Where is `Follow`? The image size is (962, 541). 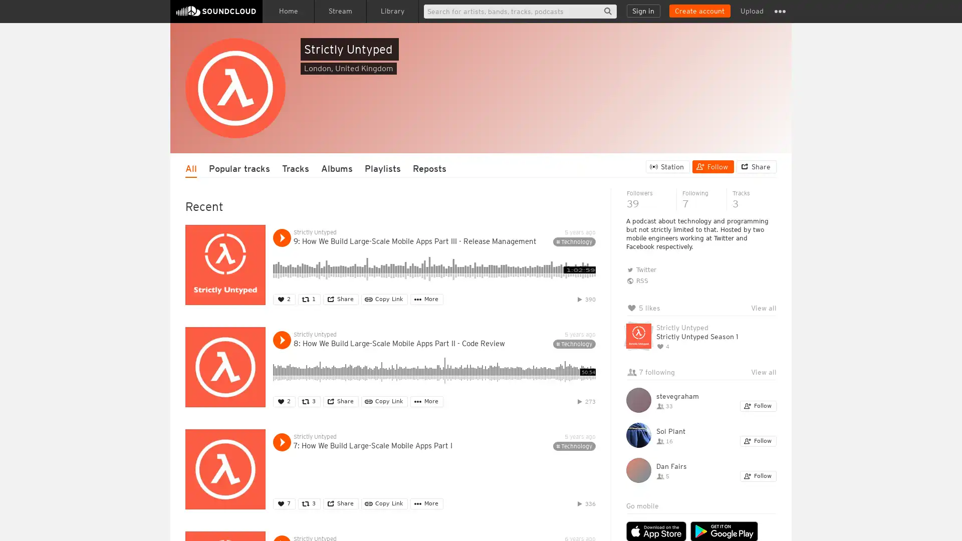
Follow is located at coordinates (712, 166).